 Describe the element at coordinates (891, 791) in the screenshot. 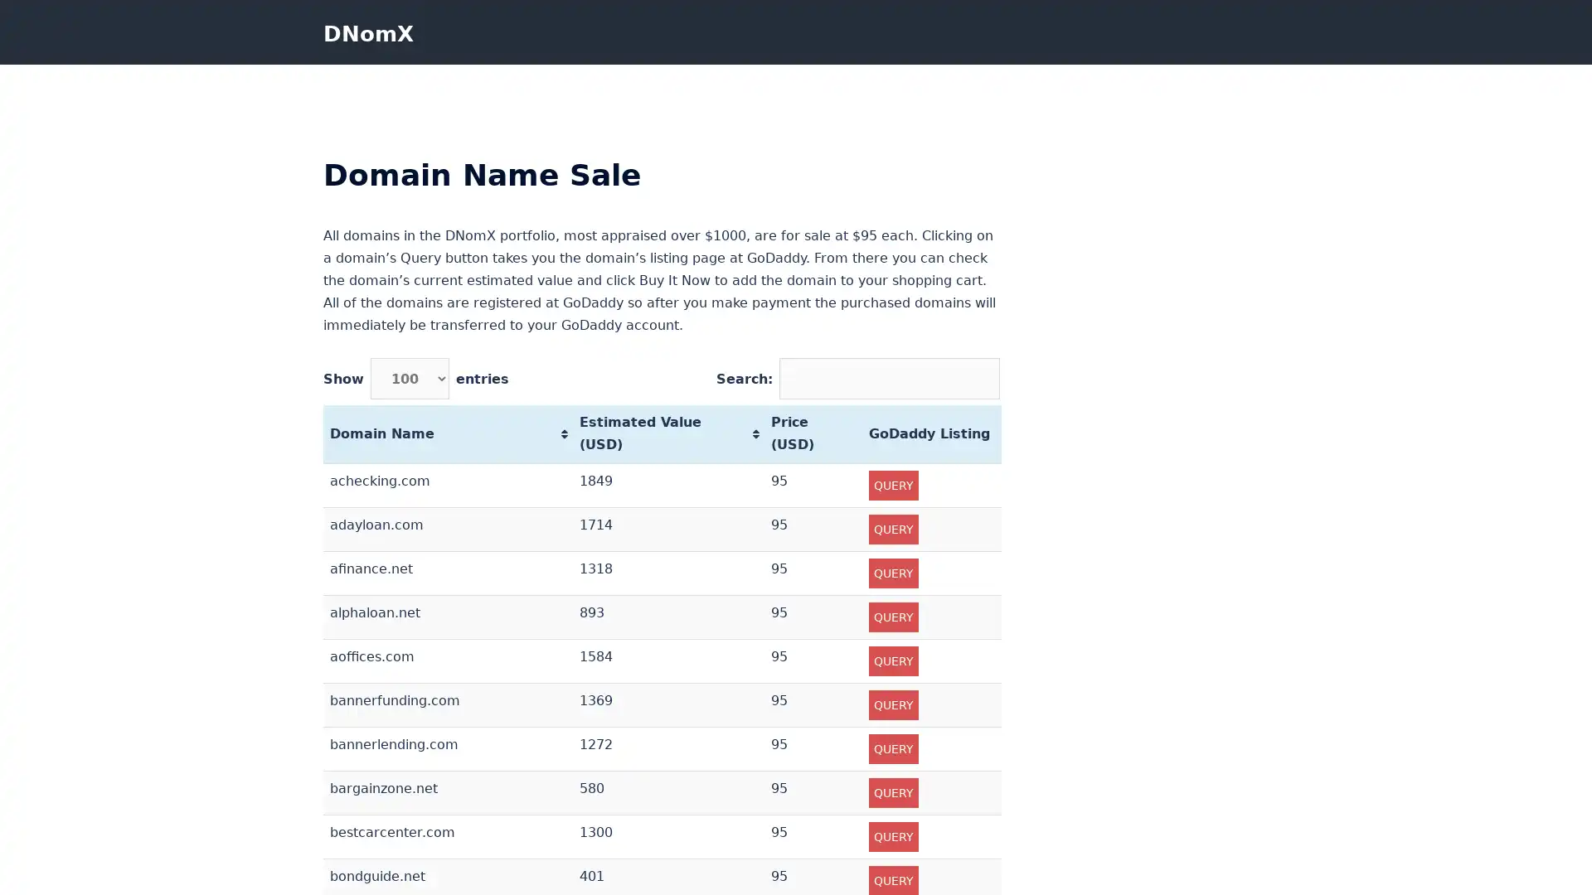

I see `QUERY` at that location.